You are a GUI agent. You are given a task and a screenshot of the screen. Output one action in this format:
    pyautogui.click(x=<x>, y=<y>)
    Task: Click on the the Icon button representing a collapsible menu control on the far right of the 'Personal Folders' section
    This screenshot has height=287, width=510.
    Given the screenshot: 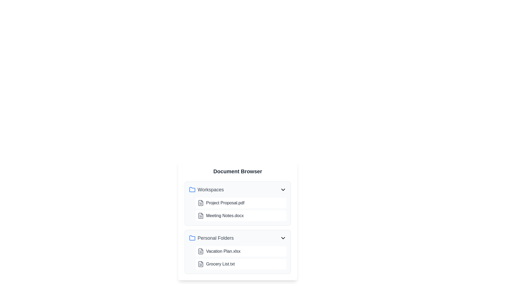 What is the action you would take?
    pyautogui.click(x=283, y=238)
    